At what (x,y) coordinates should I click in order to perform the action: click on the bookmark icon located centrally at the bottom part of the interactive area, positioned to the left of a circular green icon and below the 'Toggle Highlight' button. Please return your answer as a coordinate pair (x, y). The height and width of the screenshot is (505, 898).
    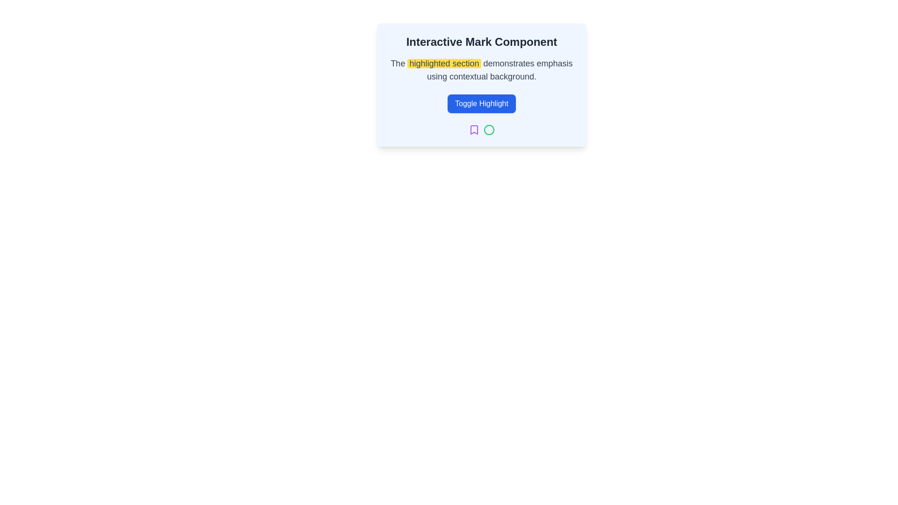
    Looking at the image, I should click on (474, 130).